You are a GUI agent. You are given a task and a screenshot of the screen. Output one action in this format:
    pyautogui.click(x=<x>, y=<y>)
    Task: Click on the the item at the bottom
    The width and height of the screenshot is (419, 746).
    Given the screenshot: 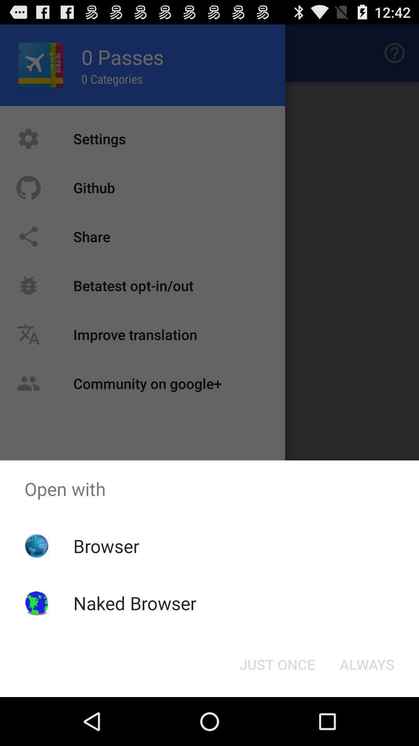 What is the action you would take?
    pyautogui.click(x=277, y=664)
    